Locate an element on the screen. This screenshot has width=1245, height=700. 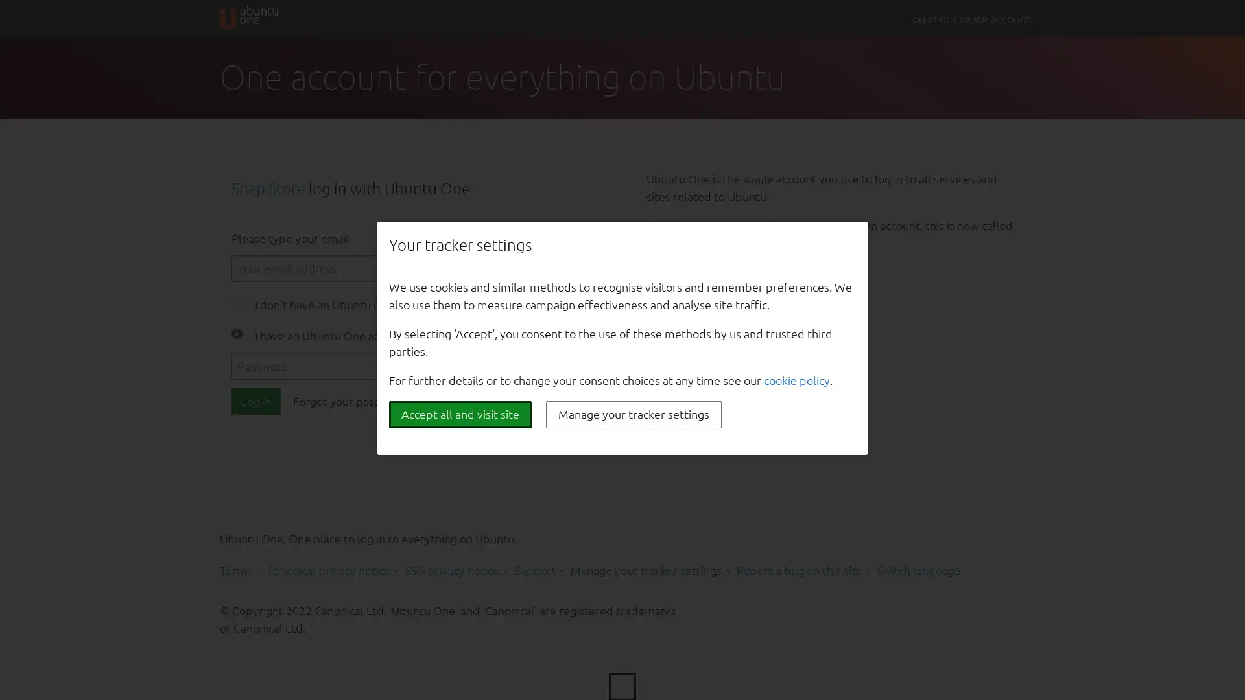
Accept all and visit site is located at coordinates (460, 414).